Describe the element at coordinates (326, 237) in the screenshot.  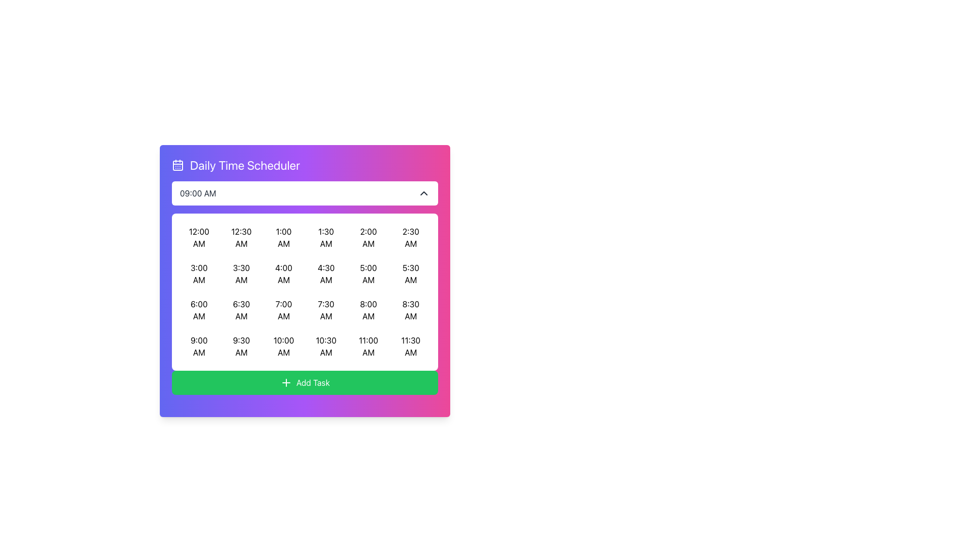
I see `the button displaying '1:30 AM'` at that location.